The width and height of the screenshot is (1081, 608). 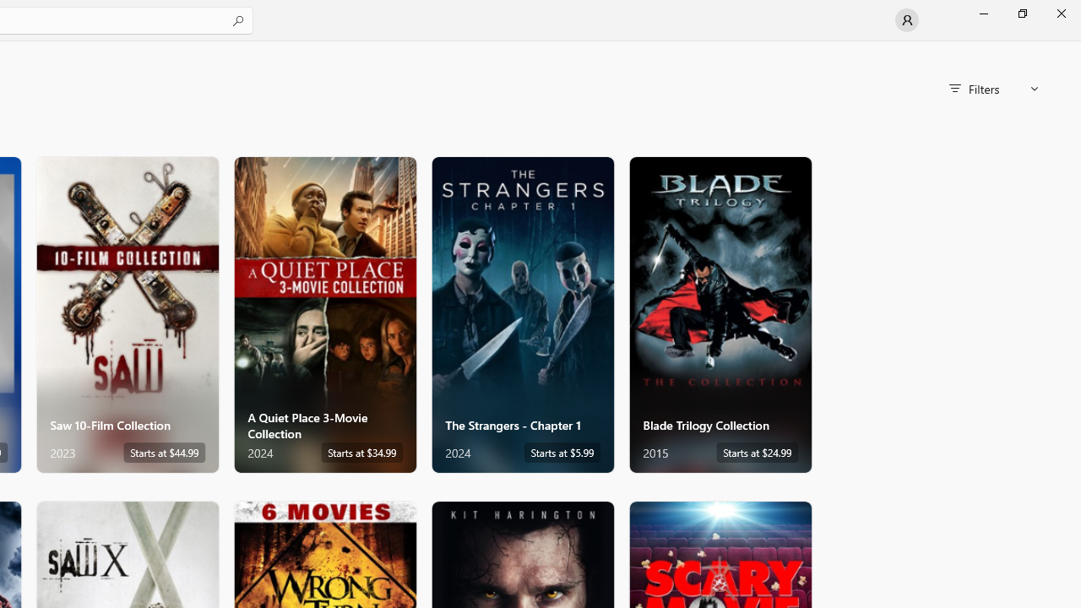 I want to click on 'Filters', so click(x=993, y=89).